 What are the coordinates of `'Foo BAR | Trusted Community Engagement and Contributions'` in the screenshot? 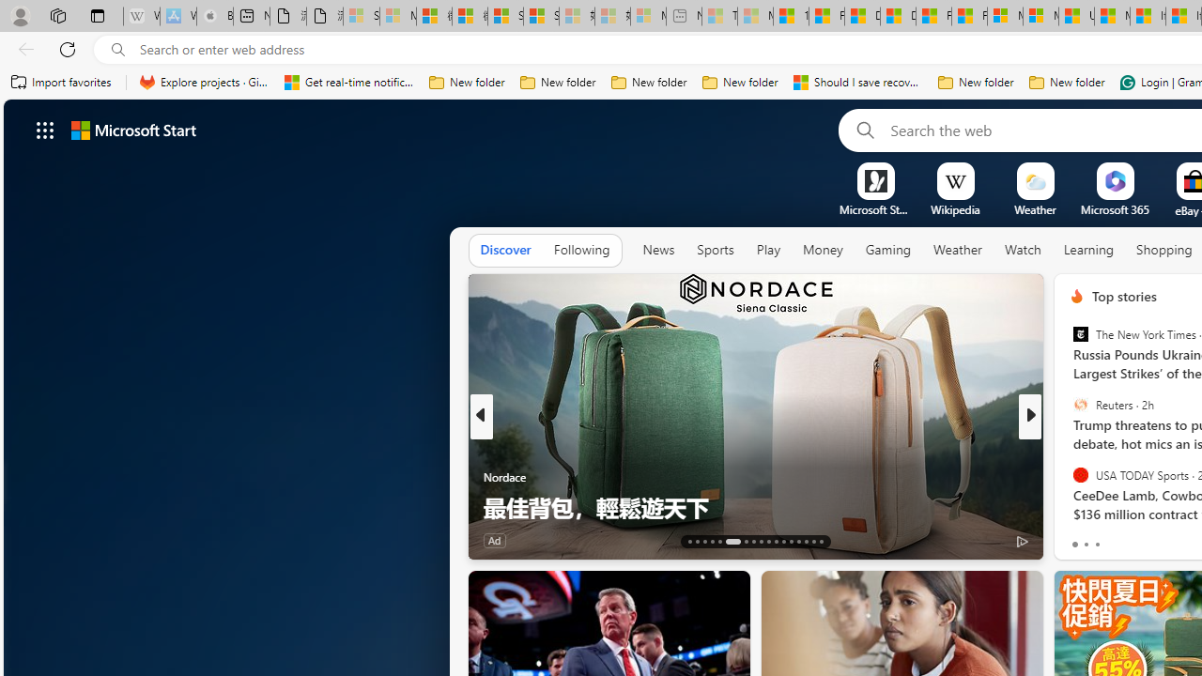 It's located at (969, 16).